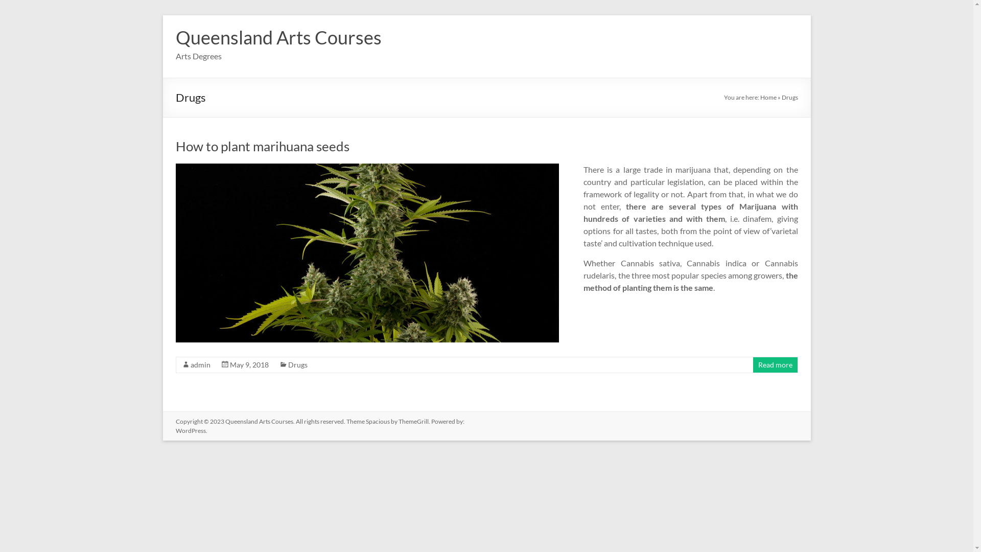 Image resolution: width=981 pixels, height=552 pixels. Describe the element at coordinates (297, 364) in the screenshot. I see `'Drugs'` at that location.